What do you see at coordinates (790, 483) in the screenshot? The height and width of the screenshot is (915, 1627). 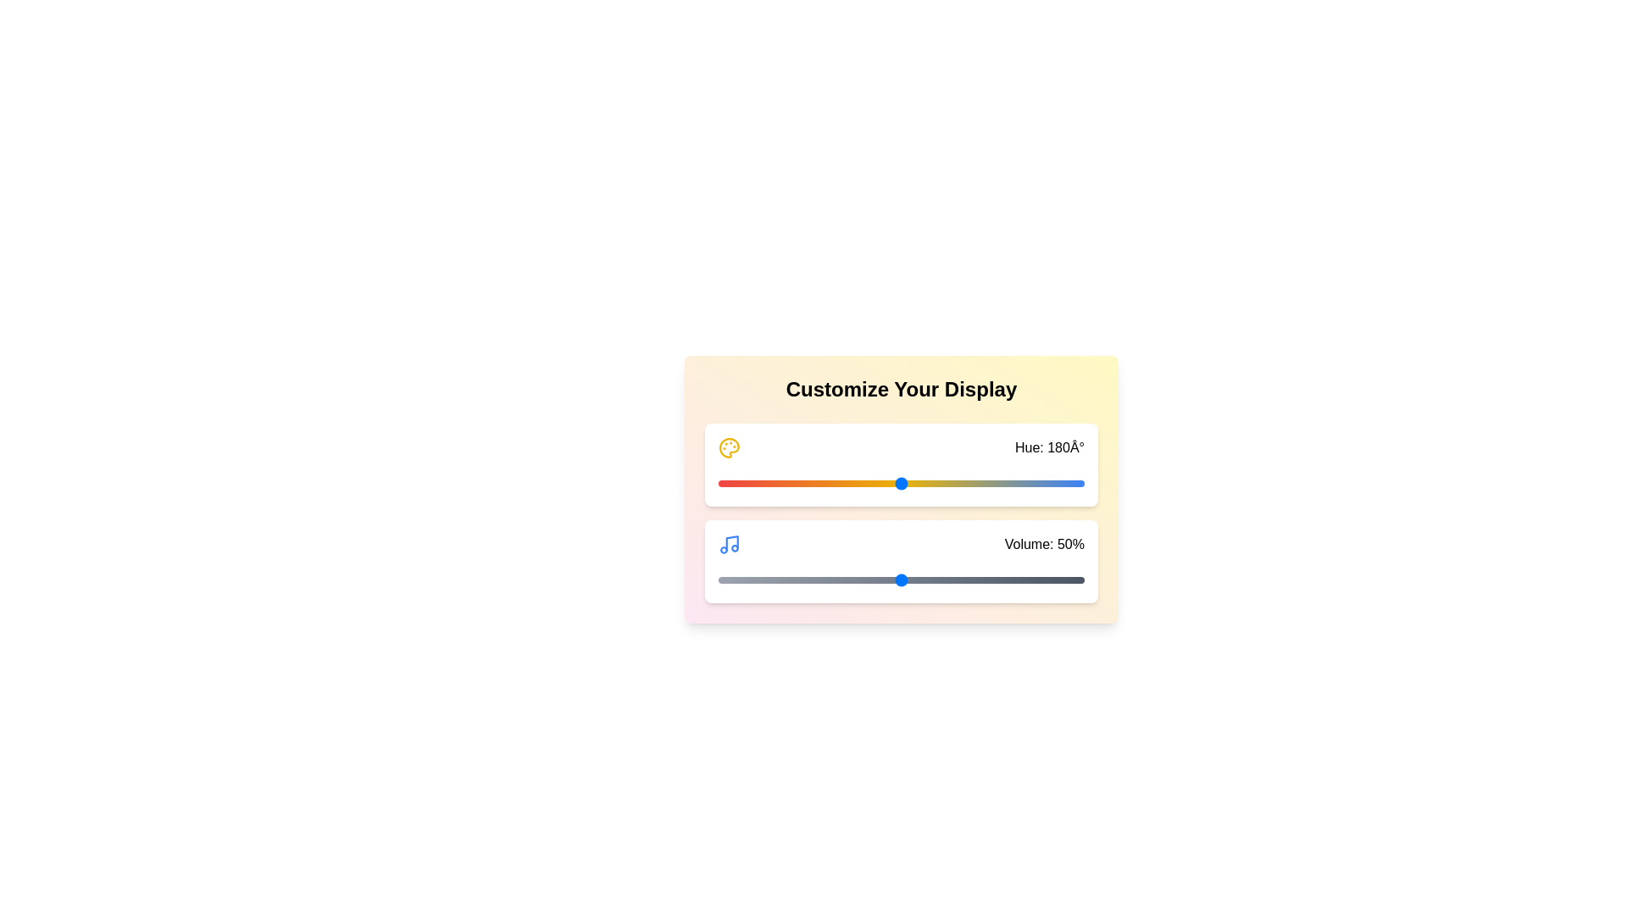 I see `the hue slider to 71 degrees` at bounding box center [790, 483].